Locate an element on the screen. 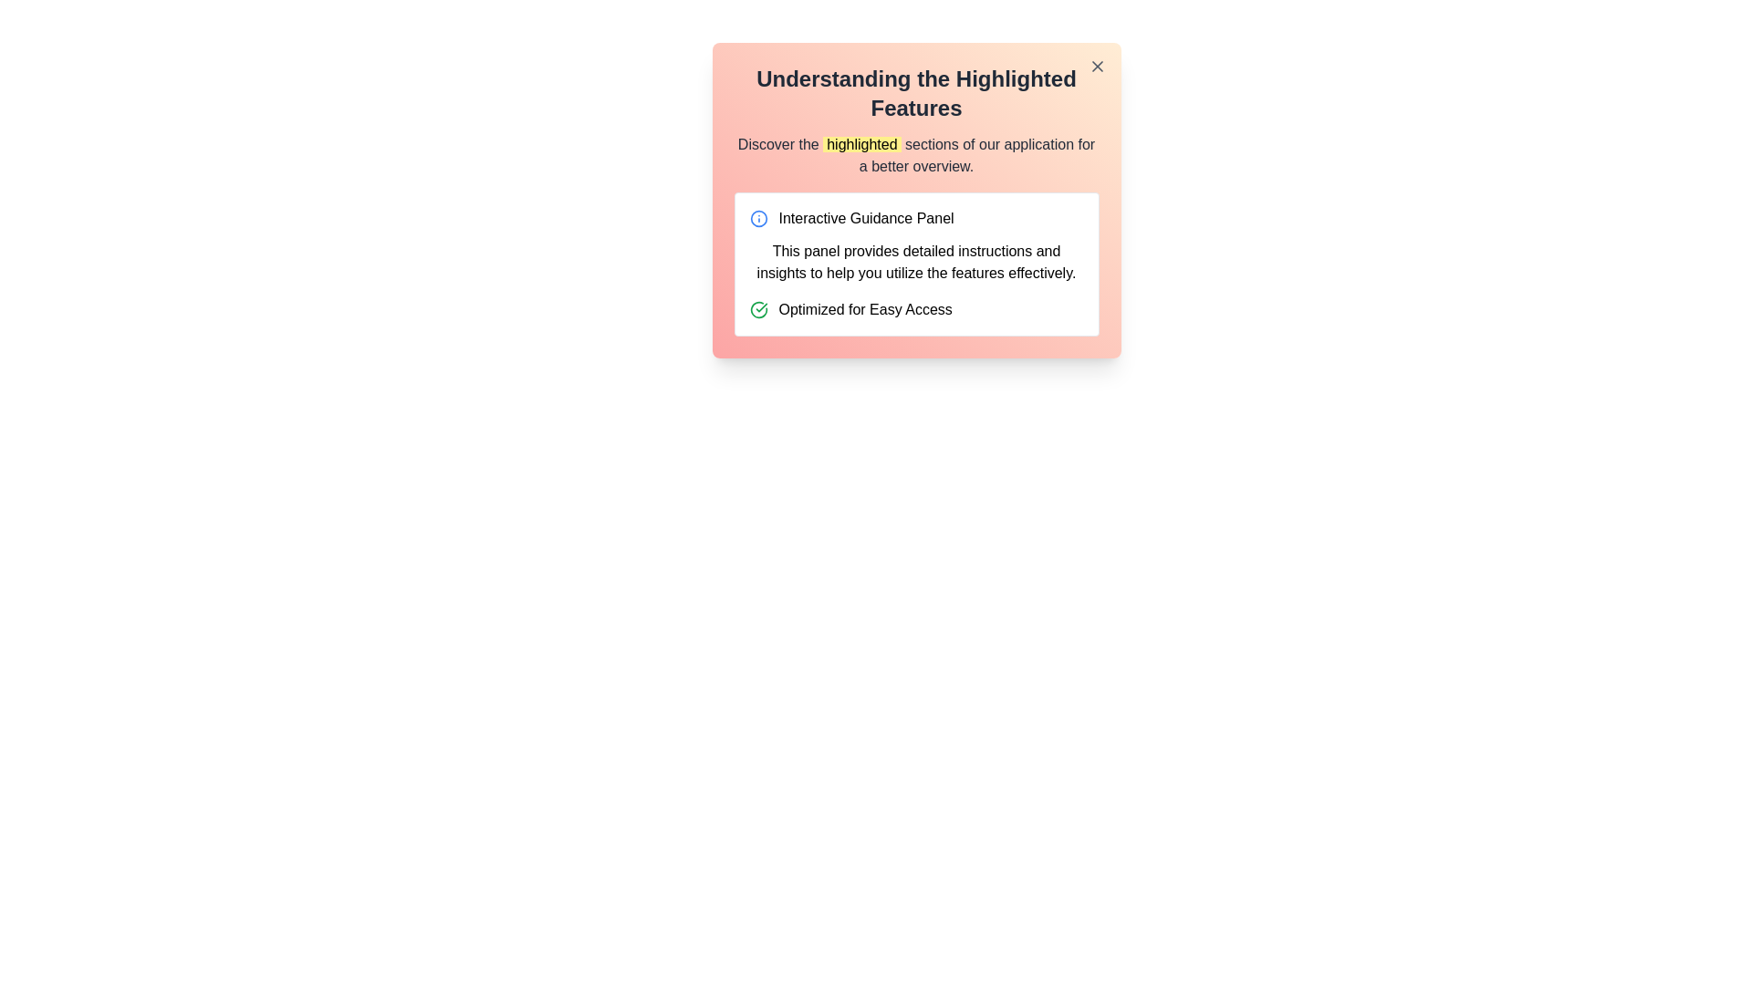  paragraph containing the text 'This panel provides detailed instructions and insights to help you utilize the features effectively.' which is located in the information panel below the title 'Interactive Guidance Panel' is located at coordinates (916, 263).